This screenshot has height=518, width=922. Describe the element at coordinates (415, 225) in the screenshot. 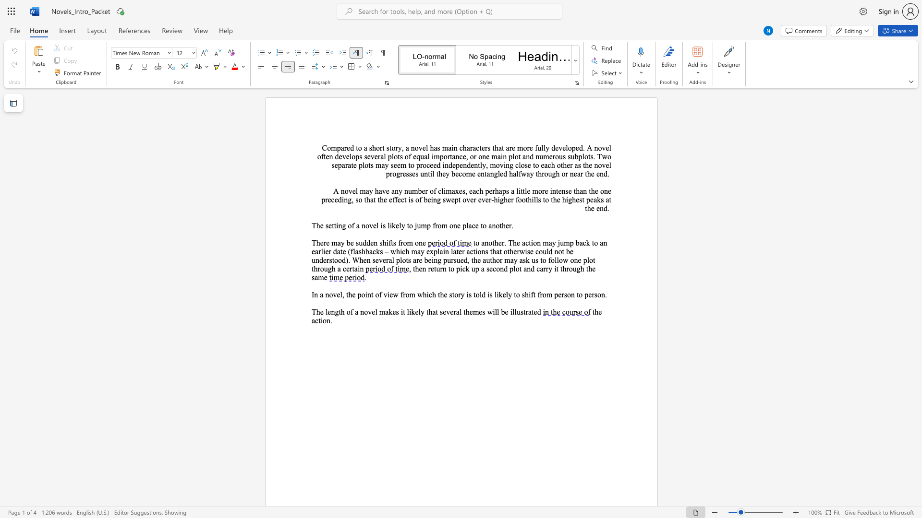

I see `the subset text "jum" within the text "The setting of a novel is likely to jump from one place to another."` at that location.